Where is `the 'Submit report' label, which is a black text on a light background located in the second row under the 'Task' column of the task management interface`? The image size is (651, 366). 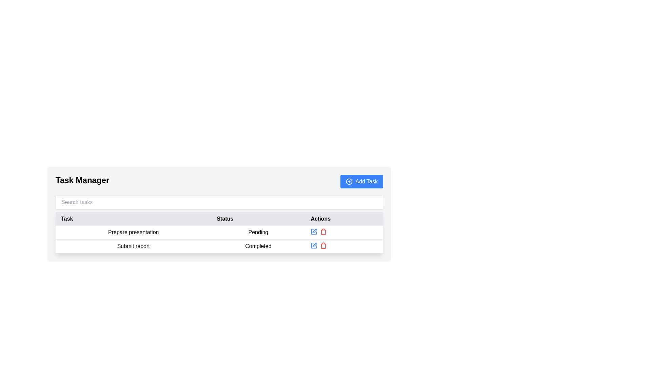 the 'Submit report' label, which is a black text on a light background located in the second row under the 'Task' column of the task management interface is located at coordinates (133, 246).